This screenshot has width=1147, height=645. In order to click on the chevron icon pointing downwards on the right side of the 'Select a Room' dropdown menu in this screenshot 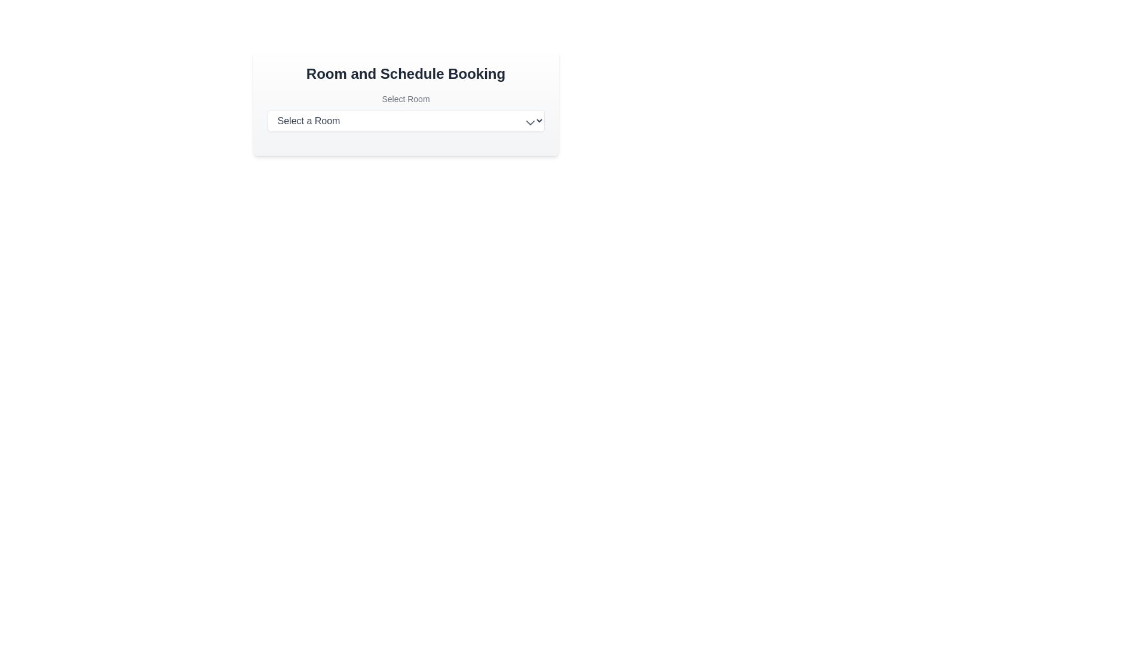, I will do `click(529, 122)`.